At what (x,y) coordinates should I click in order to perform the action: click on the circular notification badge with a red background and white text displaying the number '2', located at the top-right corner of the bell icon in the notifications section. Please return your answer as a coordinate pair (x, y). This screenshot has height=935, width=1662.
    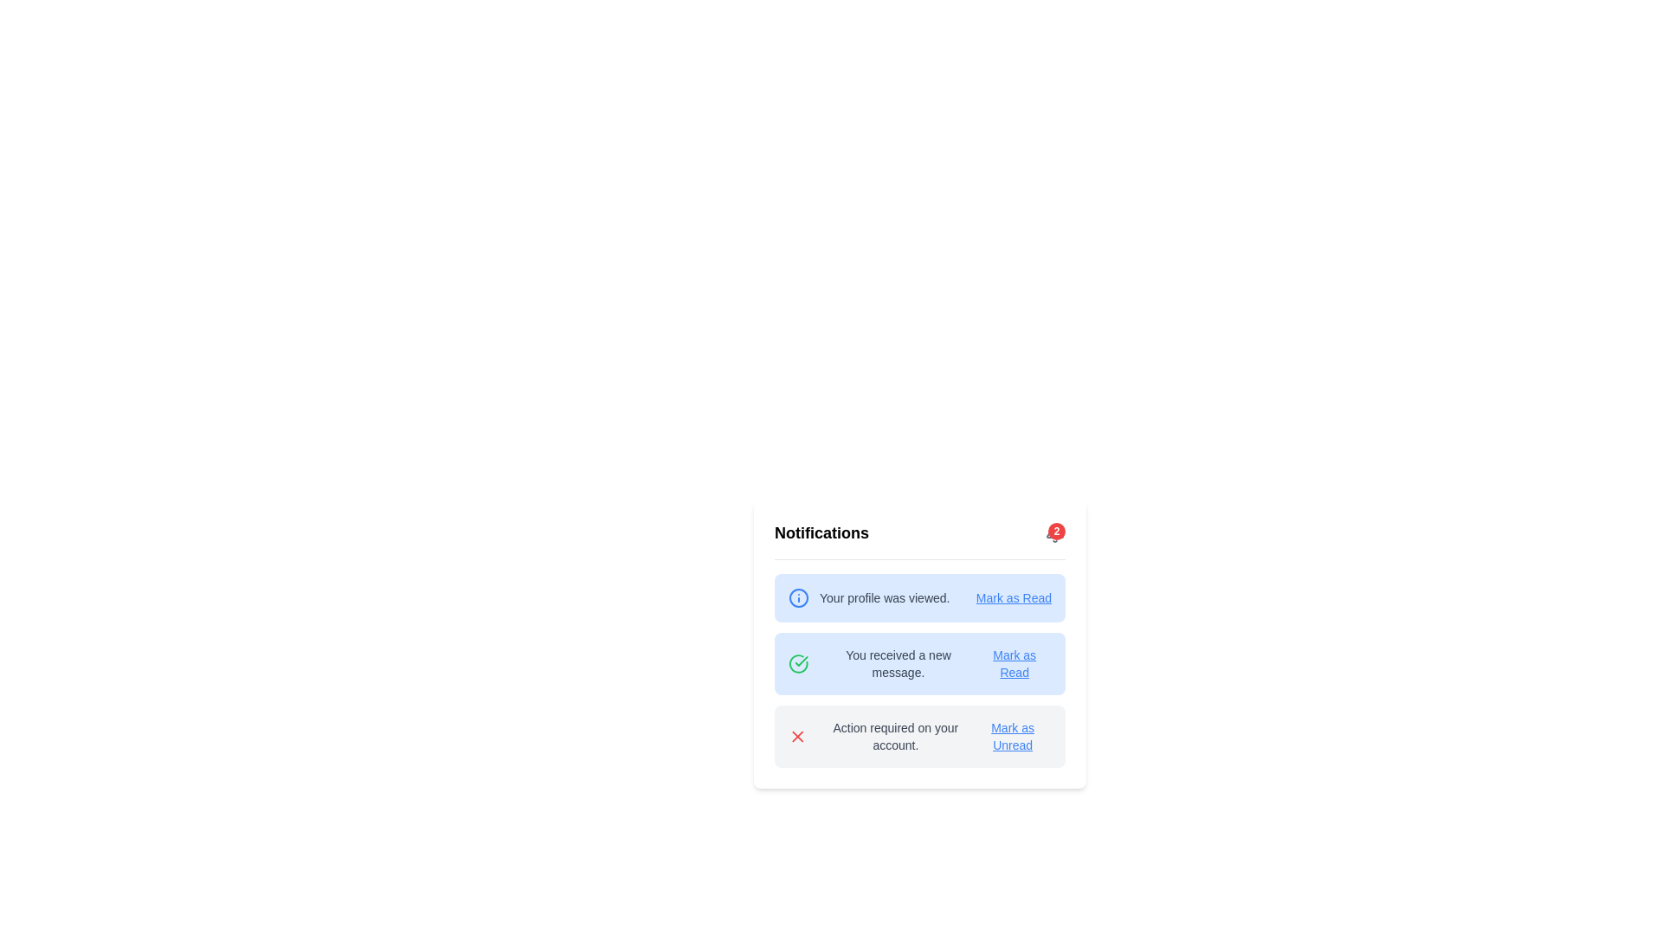
    Looking at the image, I should click on (1054, 532).